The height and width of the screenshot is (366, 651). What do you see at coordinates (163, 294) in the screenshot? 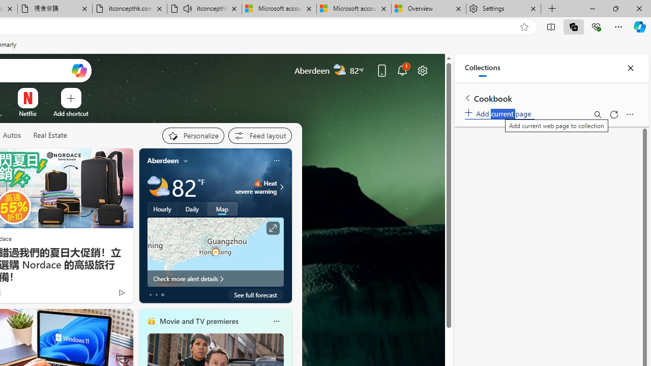
I see `'tab-2'` at bounding box center [163, 294].